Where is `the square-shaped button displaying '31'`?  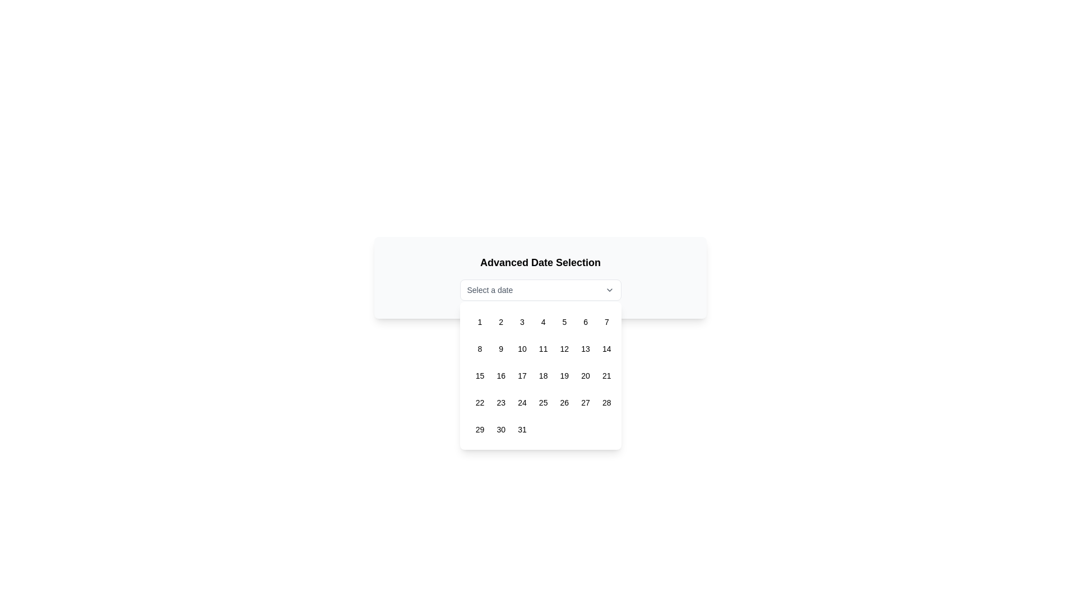 the square-shaped button displaying '31' is located at coordinates (521, 429).